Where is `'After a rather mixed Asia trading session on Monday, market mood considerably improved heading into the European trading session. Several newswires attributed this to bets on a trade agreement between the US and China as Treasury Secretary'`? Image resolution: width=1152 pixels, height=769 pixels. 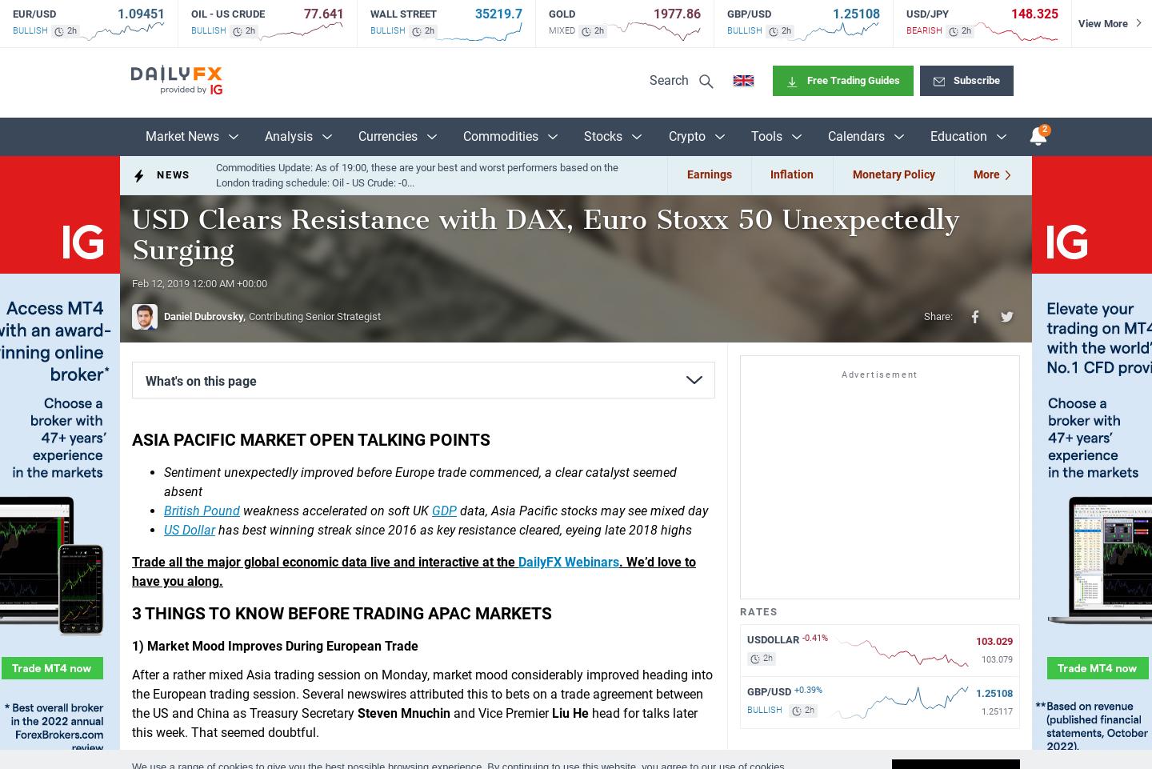
'After a rather mixed Asia trading session on Monday, market mood considerably improved heading into the European trading session. Several newswires attributed this to bets on a trade agreement between the US and China as Treasury Secretary' is located at coordinates (422, 692).